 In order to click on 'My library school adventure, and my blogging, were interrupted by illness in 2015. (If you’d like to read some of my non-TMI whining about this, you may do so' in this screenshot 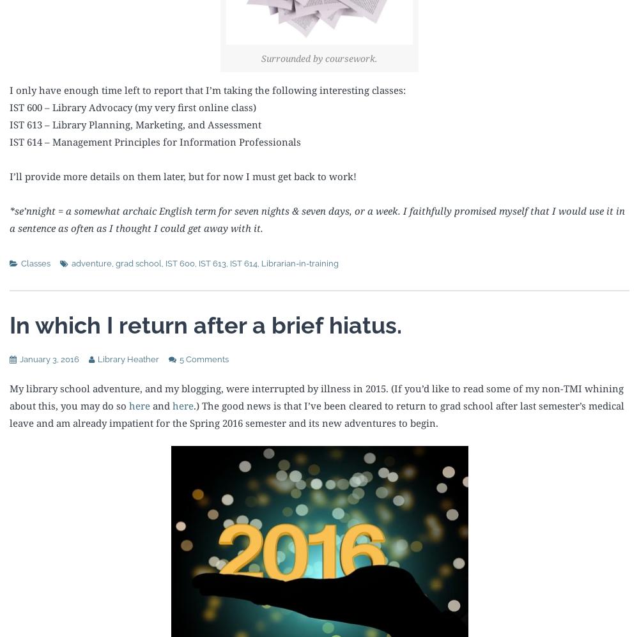, I will do `click(316, 395)`.